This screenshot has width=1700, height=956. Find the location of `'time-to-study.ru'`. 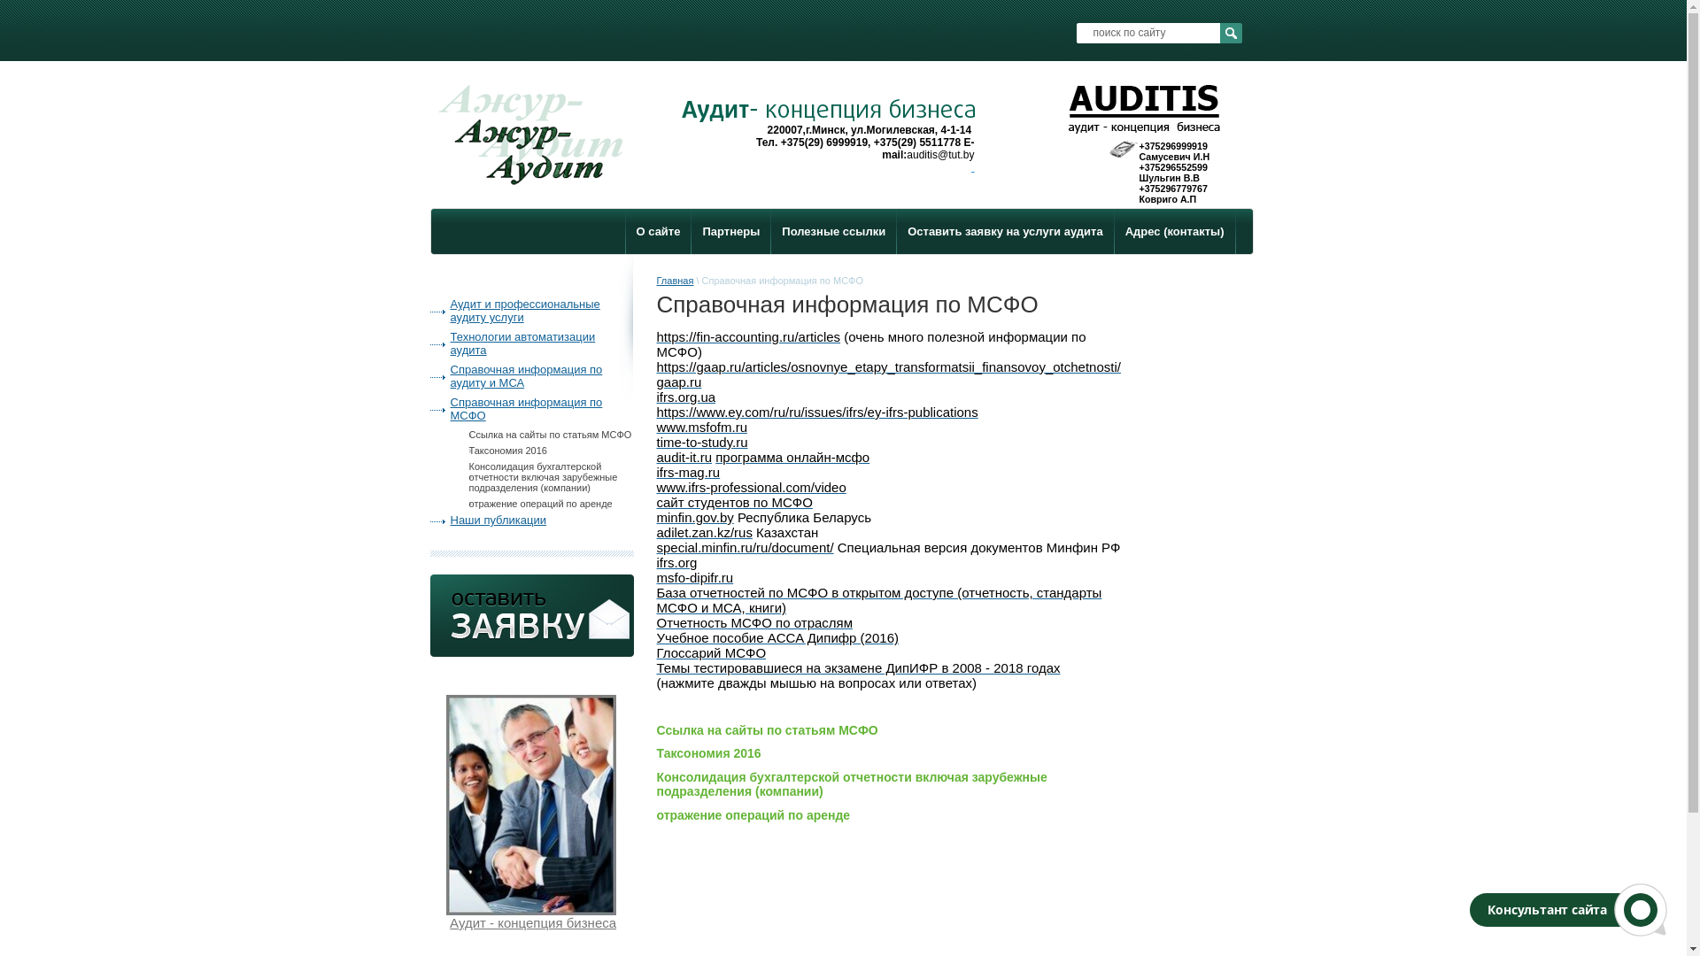

'time-to-study.ru' is located at coordinates (656, 441).